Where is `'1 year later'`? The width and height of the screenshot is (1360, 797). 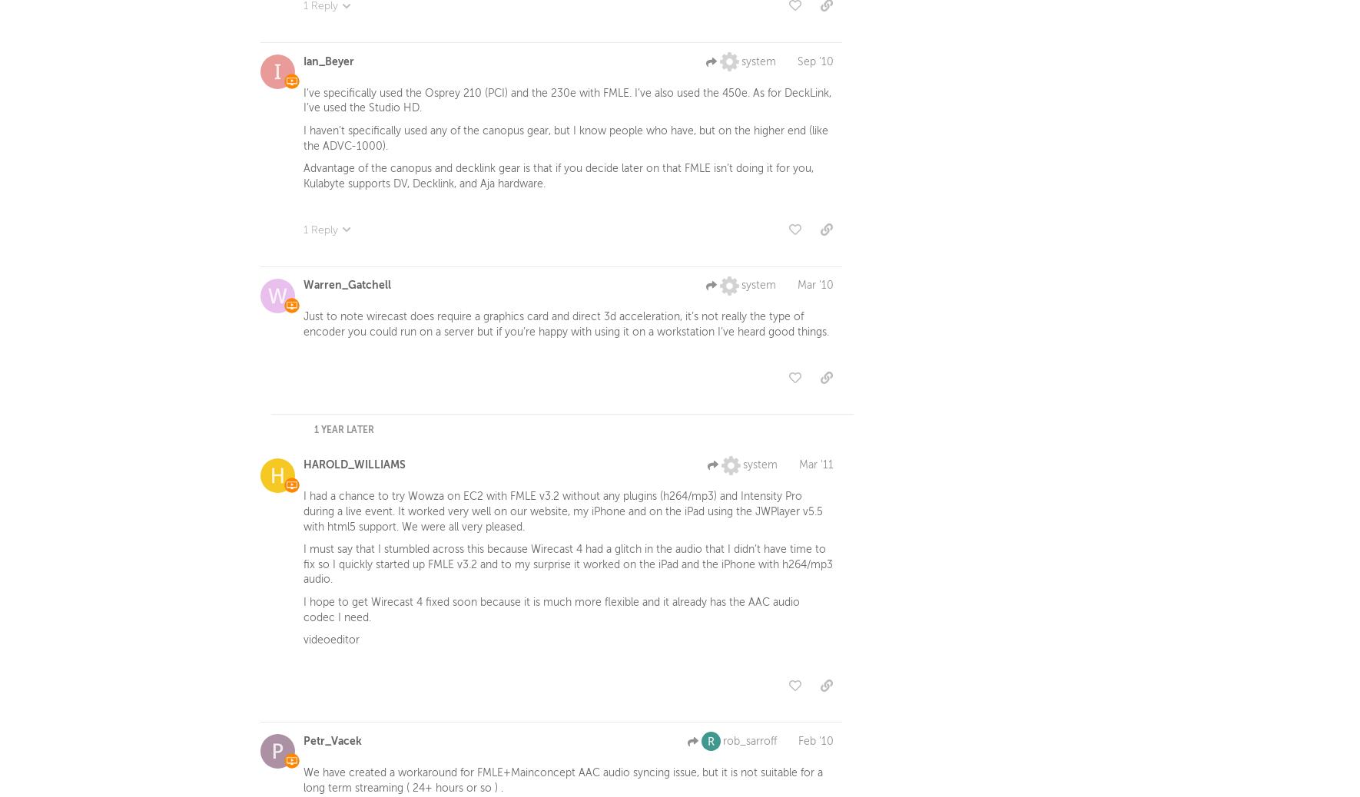
'1 year later' is located at coordinates (343, 432).